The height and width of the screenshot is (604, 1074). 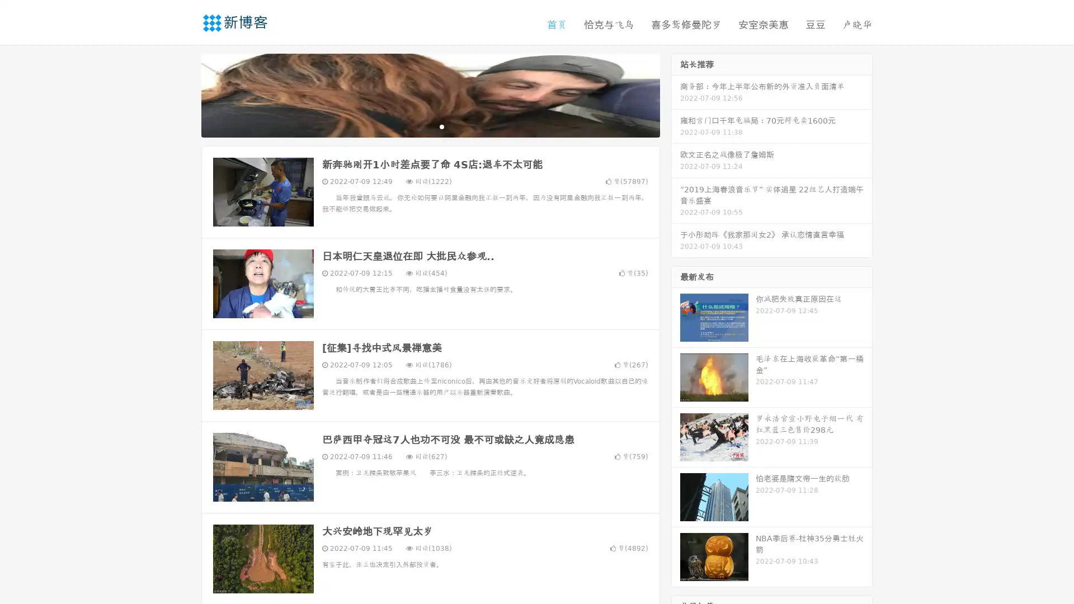 What do you see at coordinates (418, 126) in the screenshot?
I see `Go to slide 1` at bounding box center [418, 126].